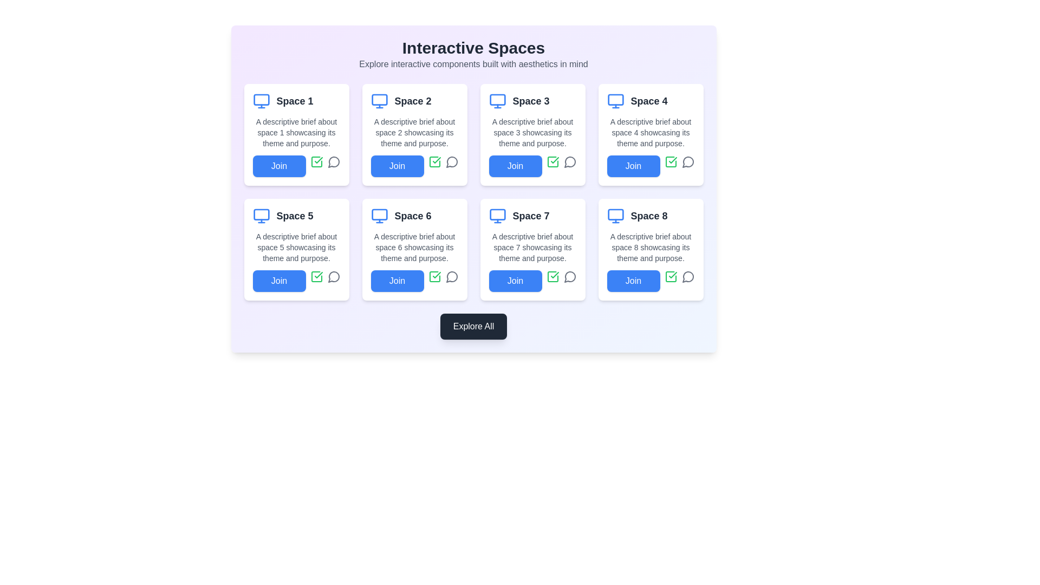 The height and width of the screenshot is (585, 1040). What do you see at coordinates (261, 101) in the screenshot?
I see `the monitor icon representing 'Space 1', which is positioned above the text 'Space 1' and adjacent to its descriptive content` at bounding box center [261, 101].